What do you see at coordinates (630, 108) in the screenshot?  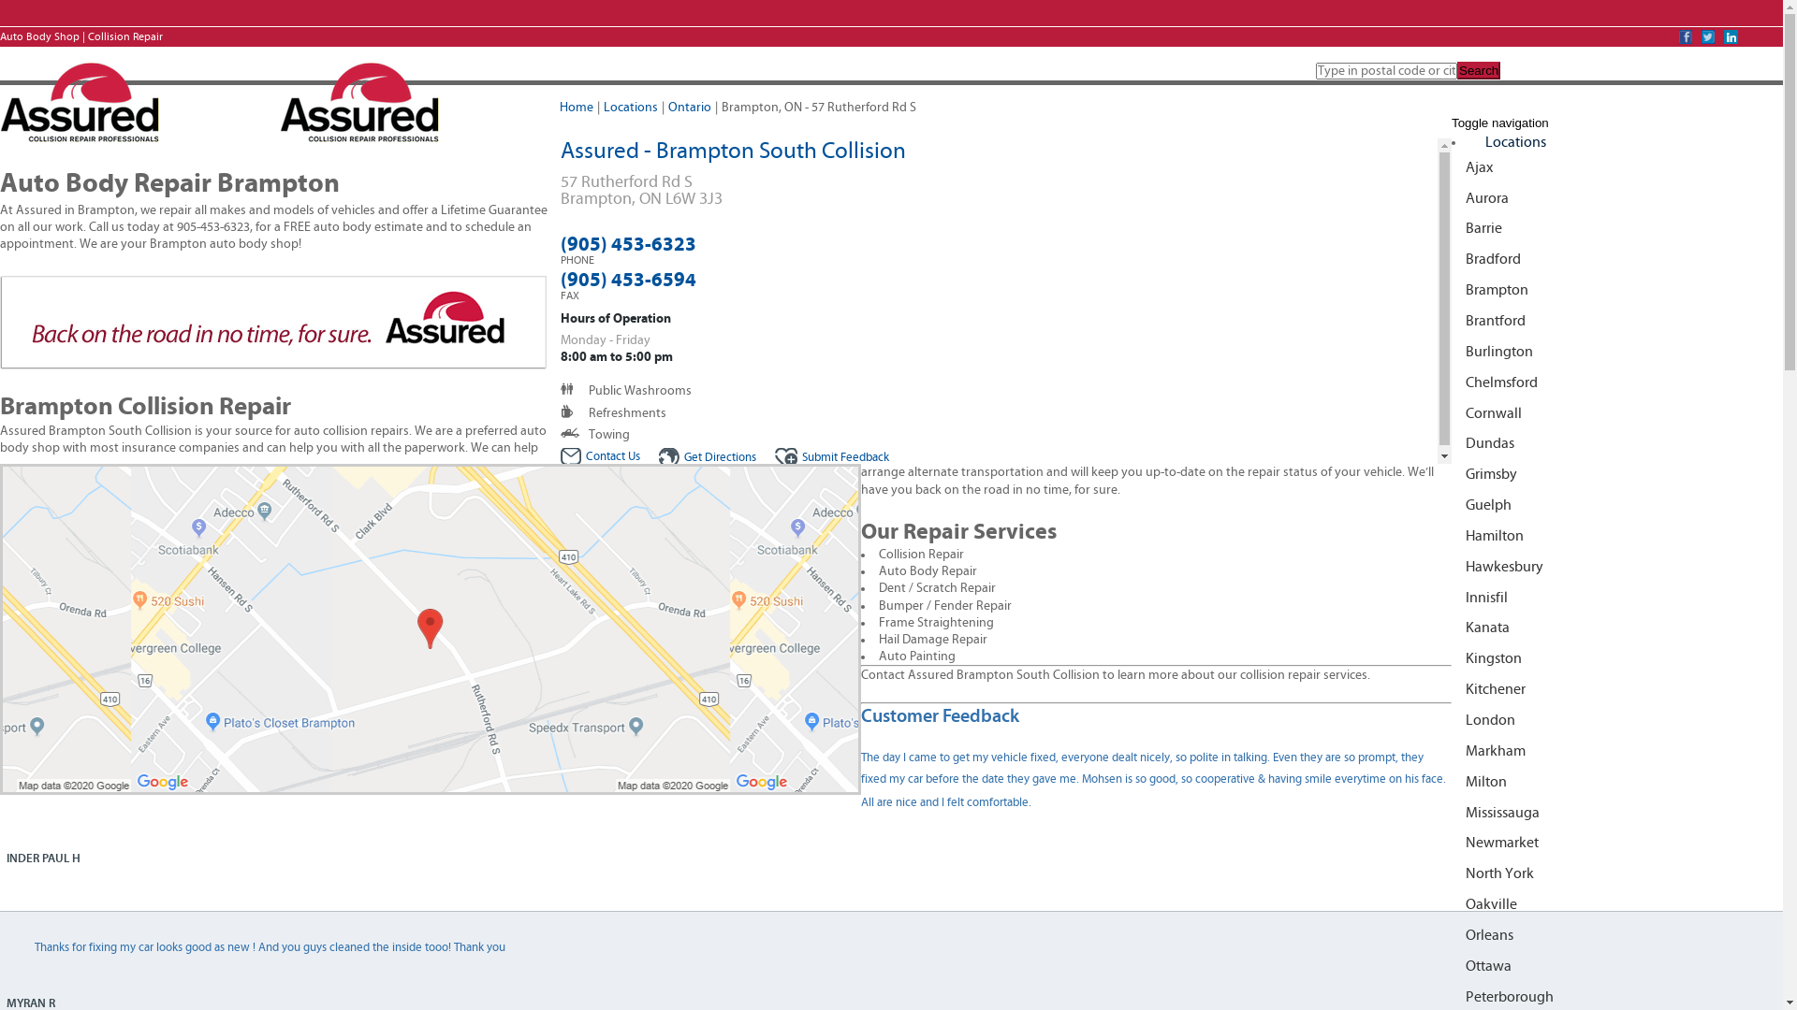 I see `'Locations'` at bounding box center [630, 108].